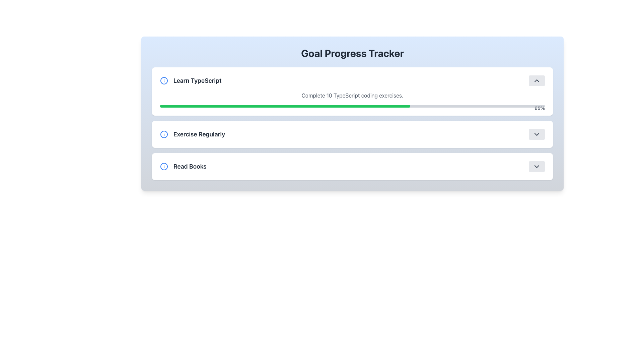 This screenshot has width=643, height=362. What do you see at coordinates (352, 100) in the screenshot?
I see `displayed progress percentage of the Progress Bar located under the header 'Learn TypeScript', which is the second component in the section` at bounding box center [352, 100].